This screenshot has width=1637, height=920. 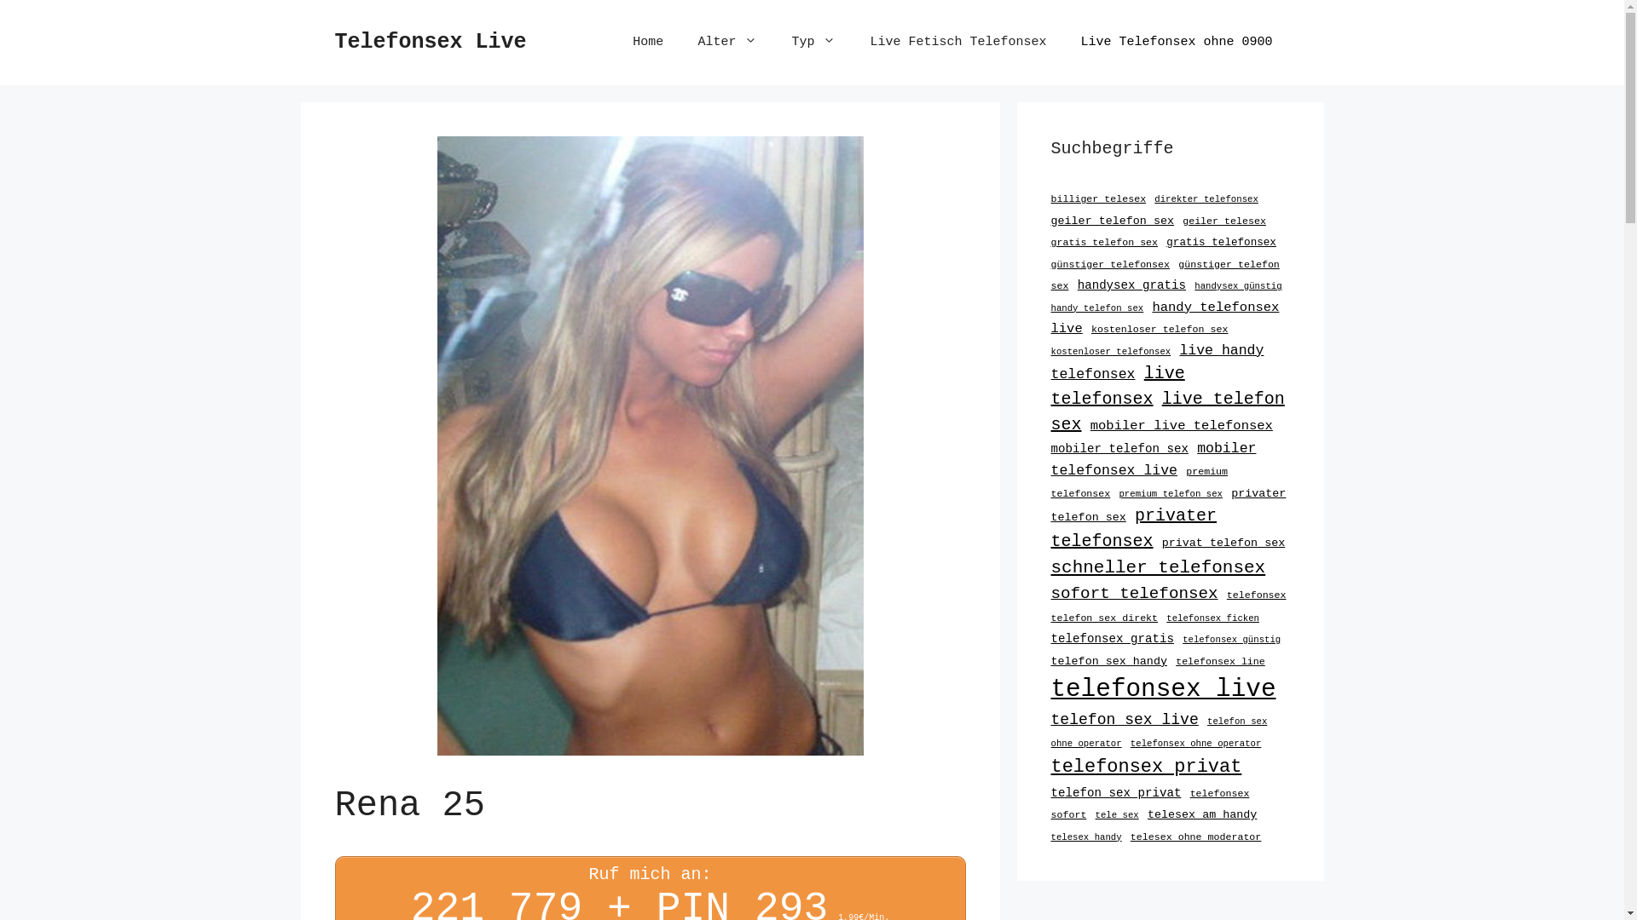 What do you see at coordinates (646, 42) in the screenshot?
I see `'Home'` at bounding box center [646, 42].